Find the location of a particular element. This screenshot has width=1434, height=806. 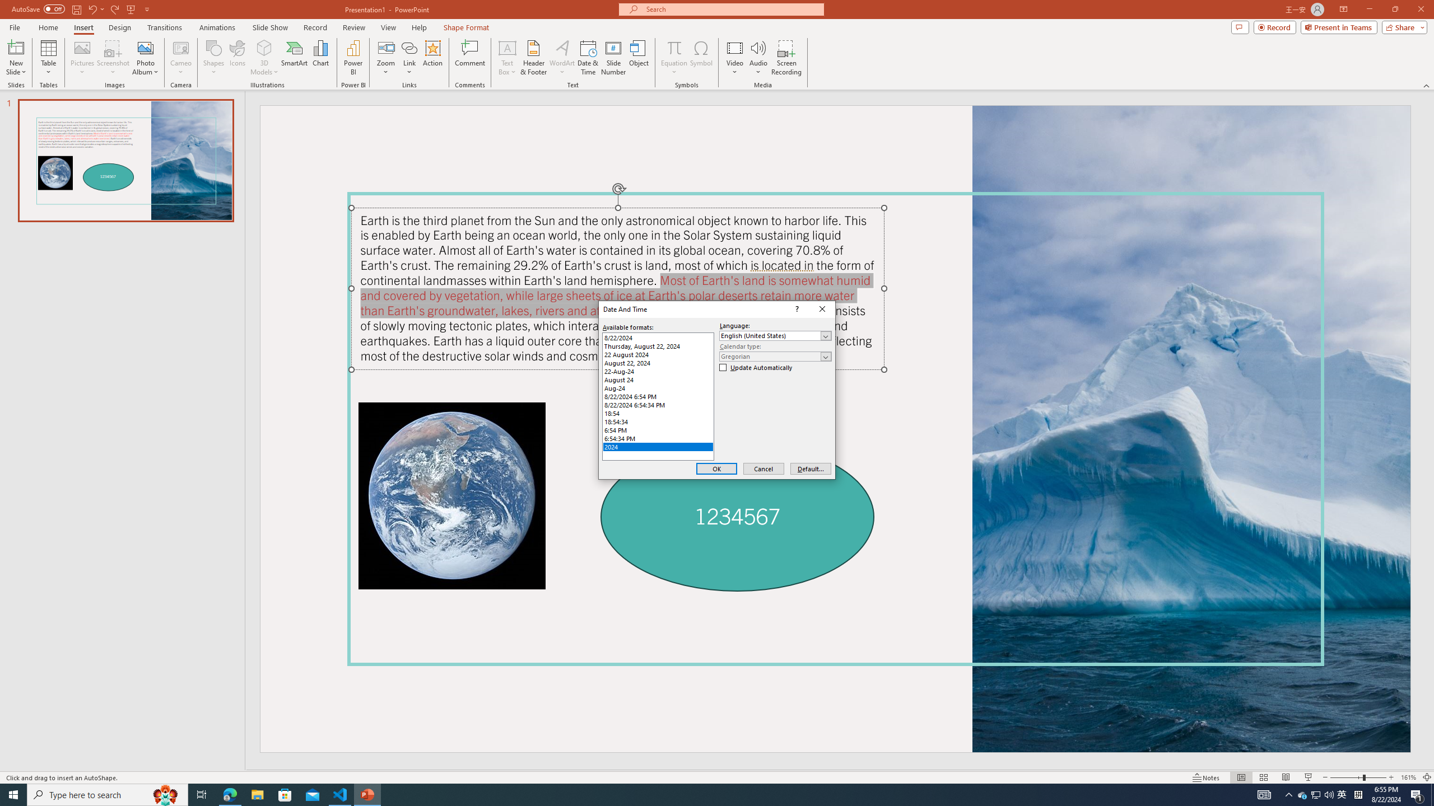

'Power BI' is located at coordinates (353, 58).